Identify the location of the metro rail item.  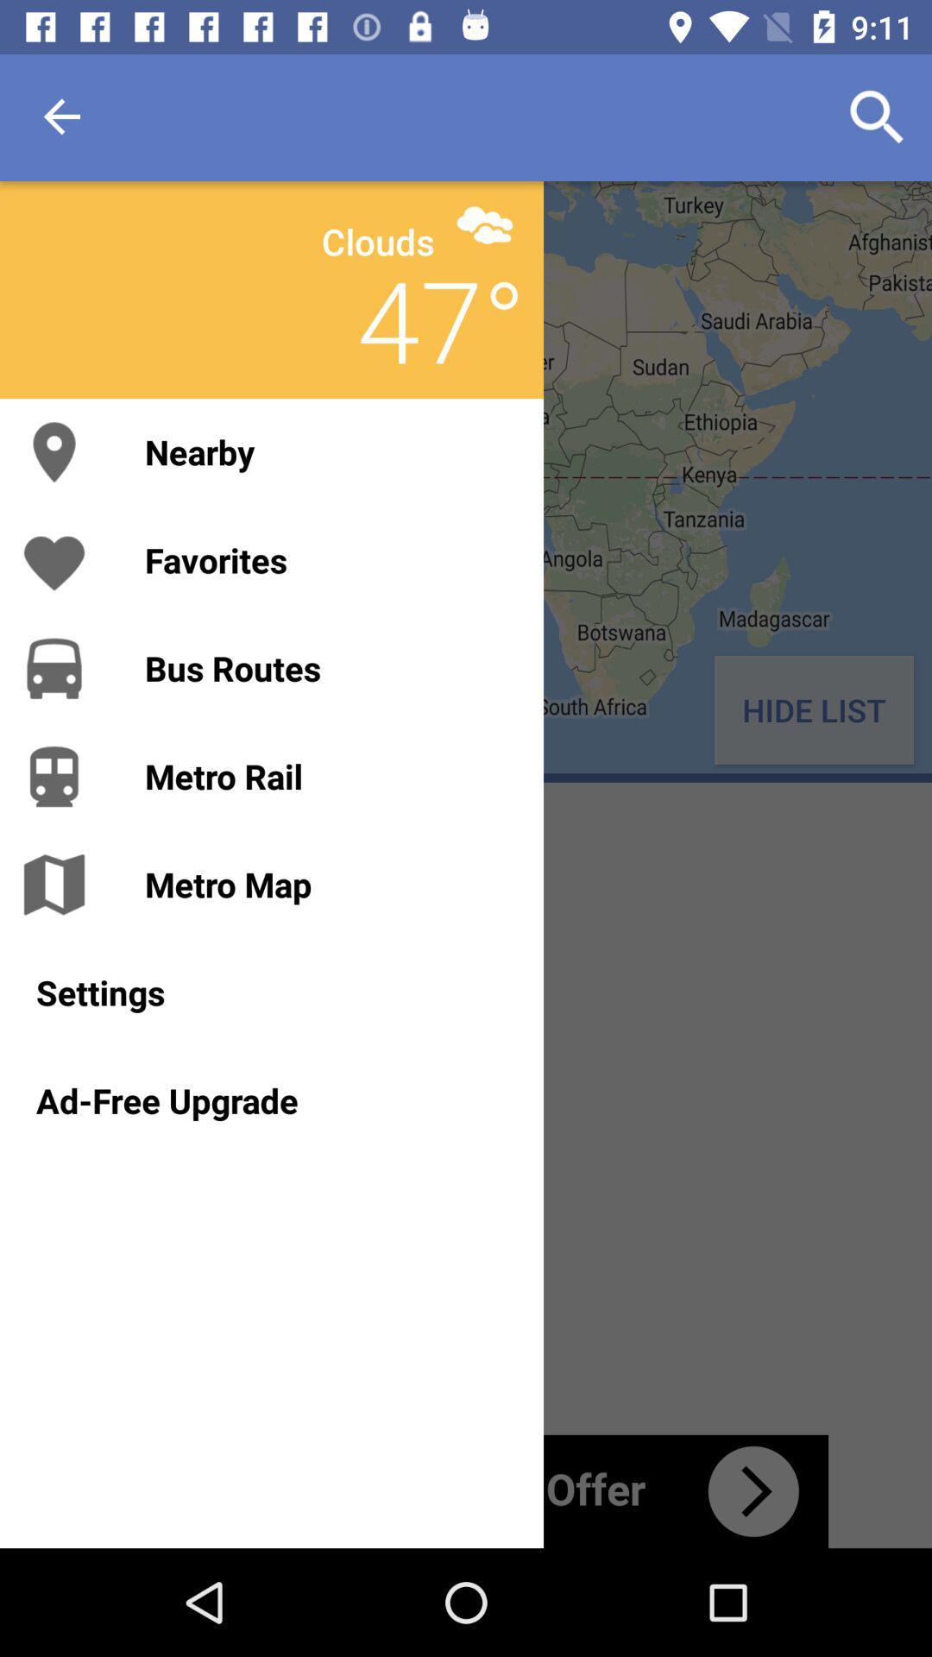
(326, 775).